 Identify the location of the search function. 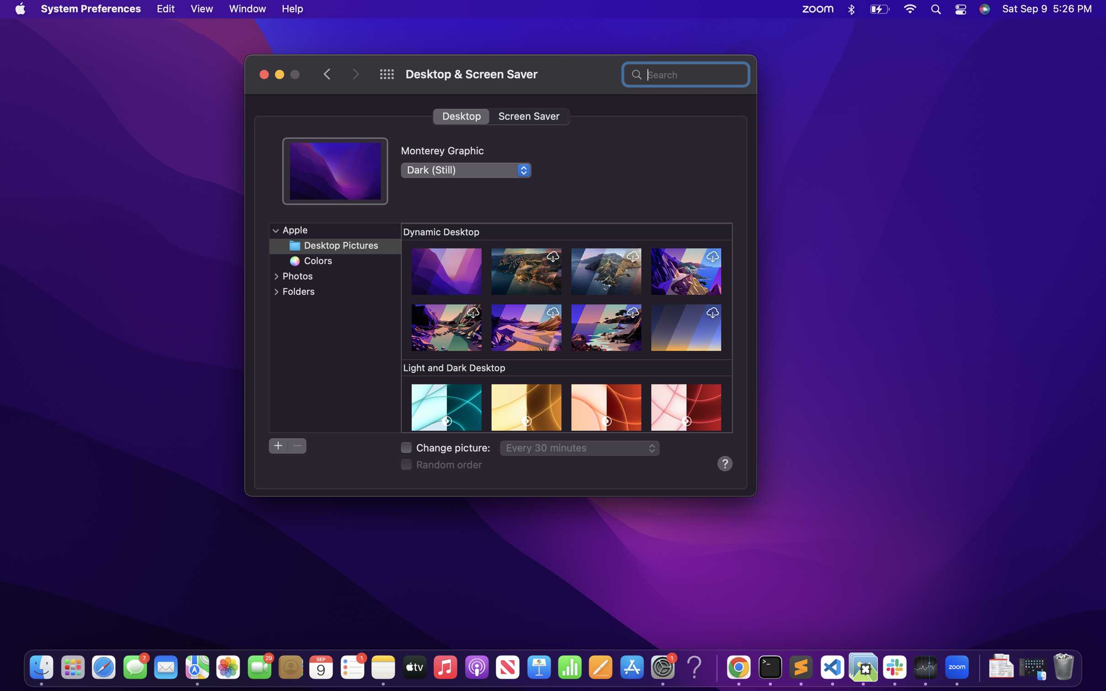
(686, 73).